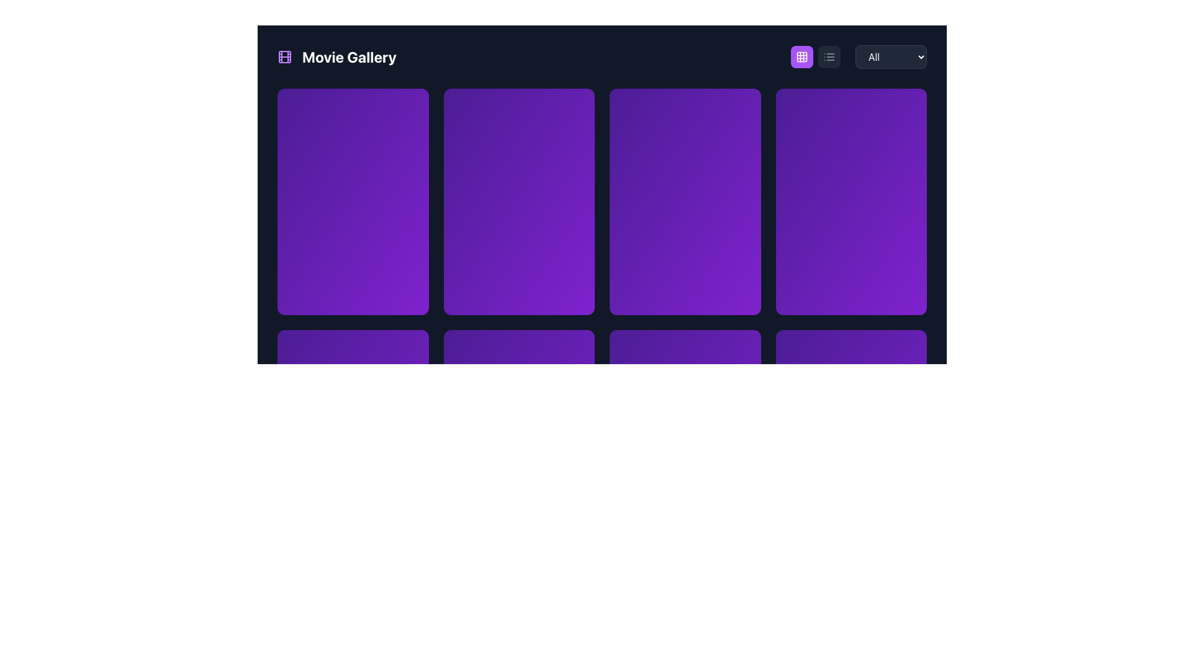 The width and height of the screenshot is (1192, 670). What do you see at coordinates (284, 57) in the screenshot?
I see `the SVG icon representing the movie gallery, which is located at the top-left corner of the interface before the 'Movie Gallery' text` at bounding box center [284, 57].